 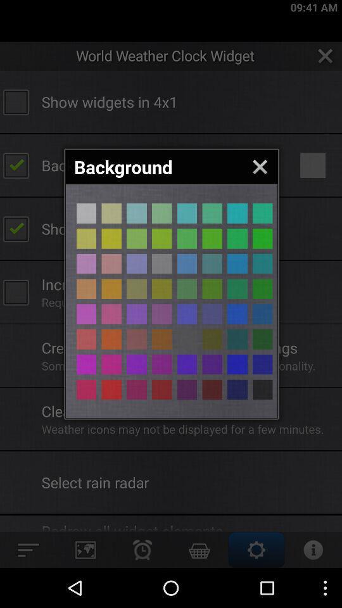 I want to click on color, so click(x=85, y=389).